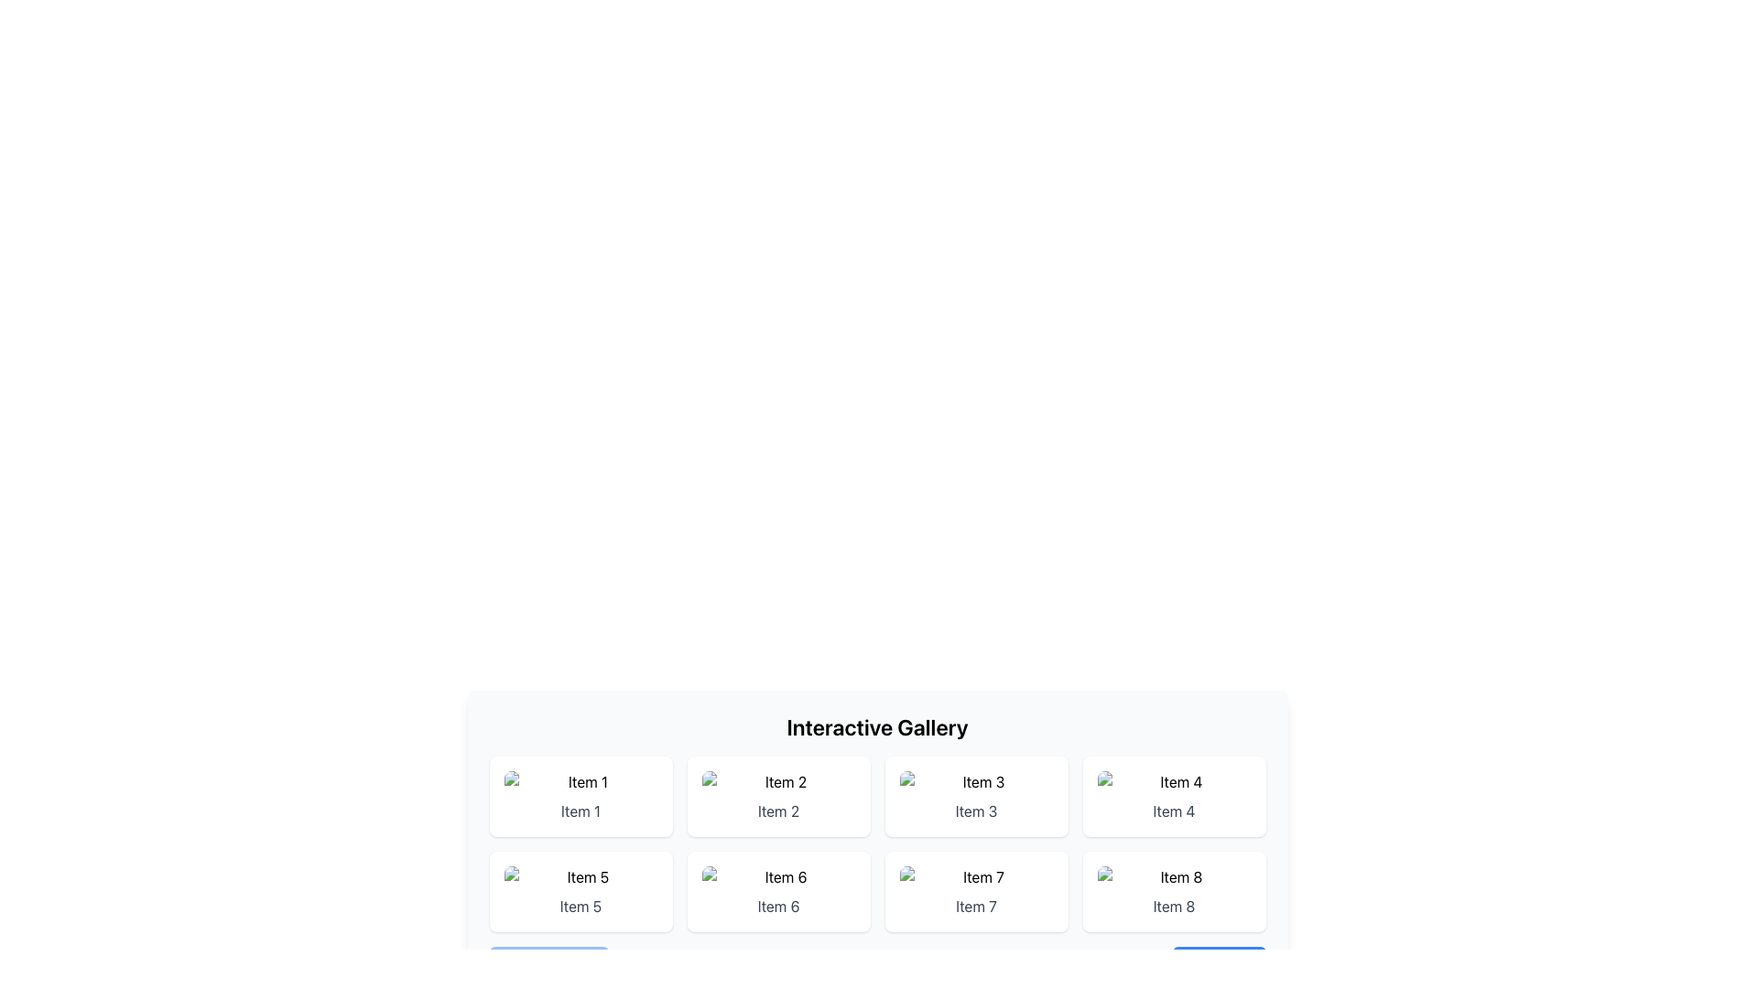 This screenshot has width=1758, height=988. What do you see at coordinates (1219, 964) in the screenshot?
I see `the rectangular blue button labeled 'Next' located at the bottom right of the interface` at bounding box center [1219, 964].